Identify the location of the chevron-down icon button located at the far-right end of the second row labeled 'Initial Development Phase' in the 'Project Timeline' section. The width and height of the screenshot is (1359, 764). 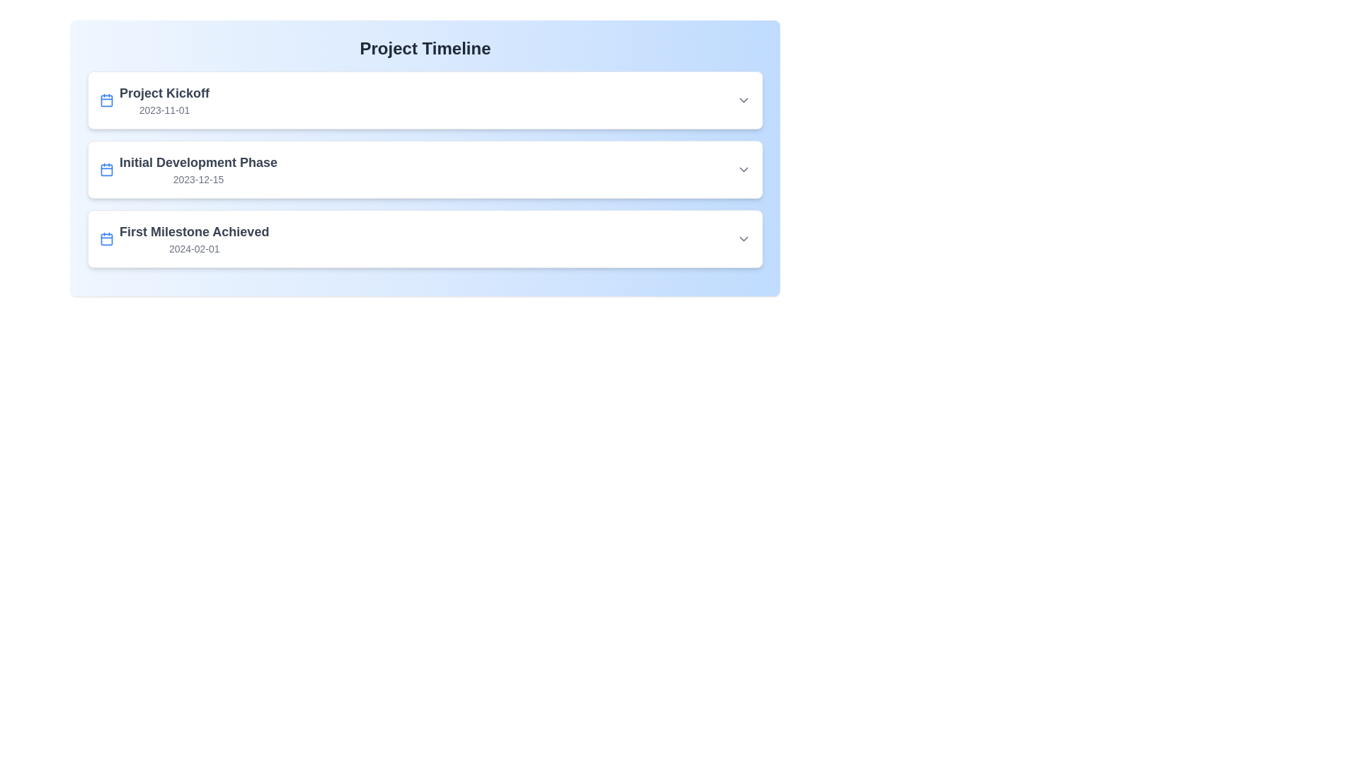
(743, 168).